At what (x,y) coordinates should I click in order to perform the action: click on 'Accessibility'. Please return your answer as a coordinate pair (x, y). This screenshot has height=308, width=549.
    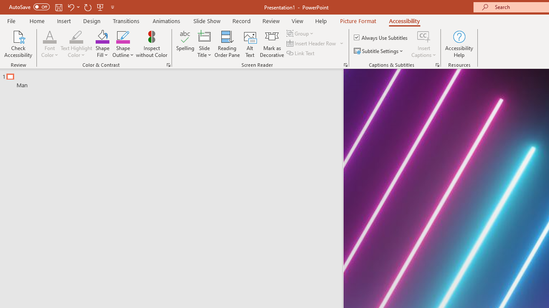
    Looking at the image, I should click on (404, 21).